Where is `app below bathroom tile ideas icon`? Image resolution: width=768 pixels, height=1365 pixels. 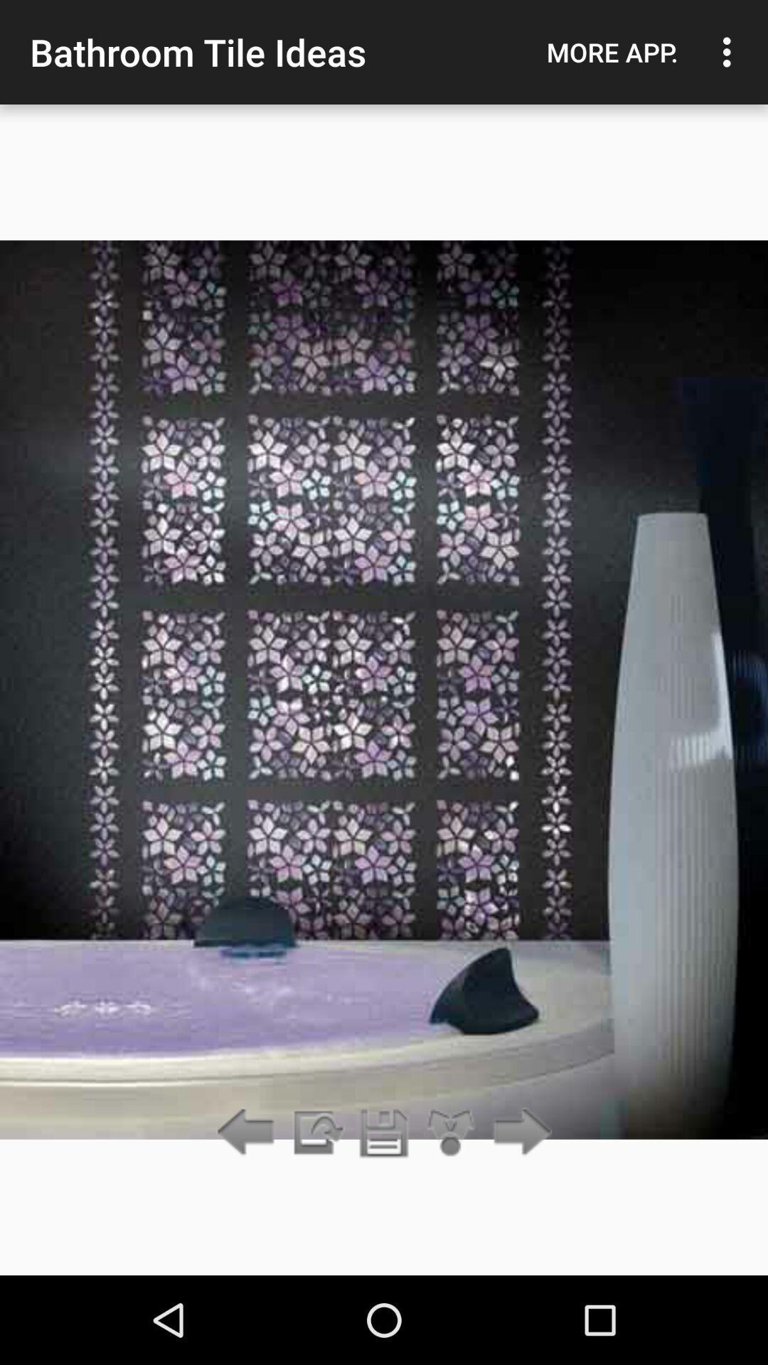
app below bathroom tile ideas icon is located at coordinates (384, 1133).